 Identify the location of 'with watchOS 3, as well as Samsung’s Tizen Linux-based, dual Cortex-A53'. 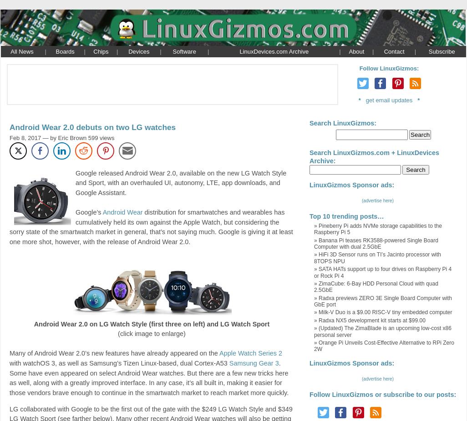
(119, 363).